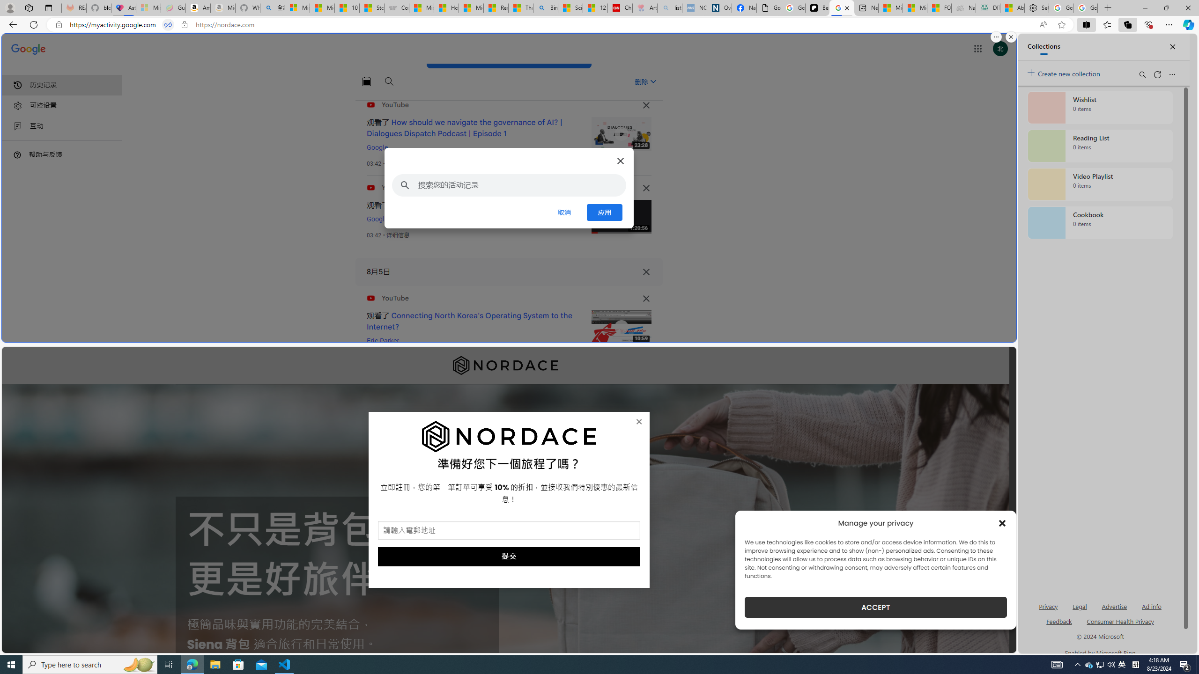 The width and height of the screenshot is (1199, 674). I want to click on 'AutomationID: sb_feedback', so click(1059, 620).